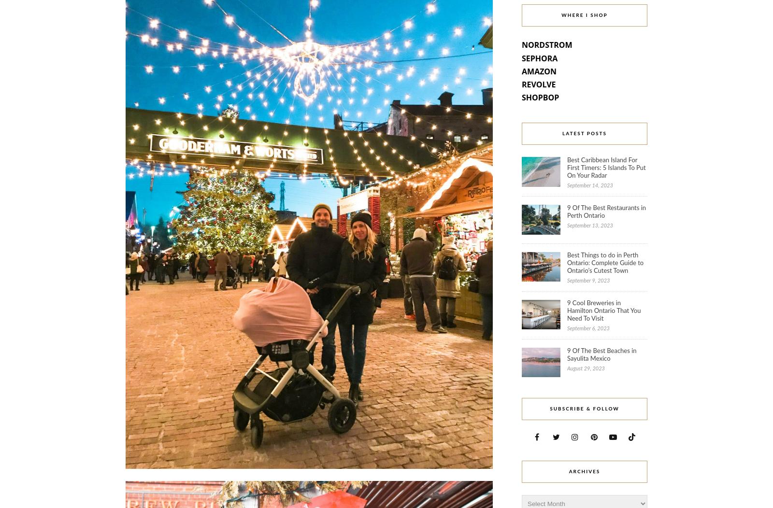  I want to click on 'Best Caribbean Island For First Timers: 5 Islands To Put On Your Radar', so click(606, 168).